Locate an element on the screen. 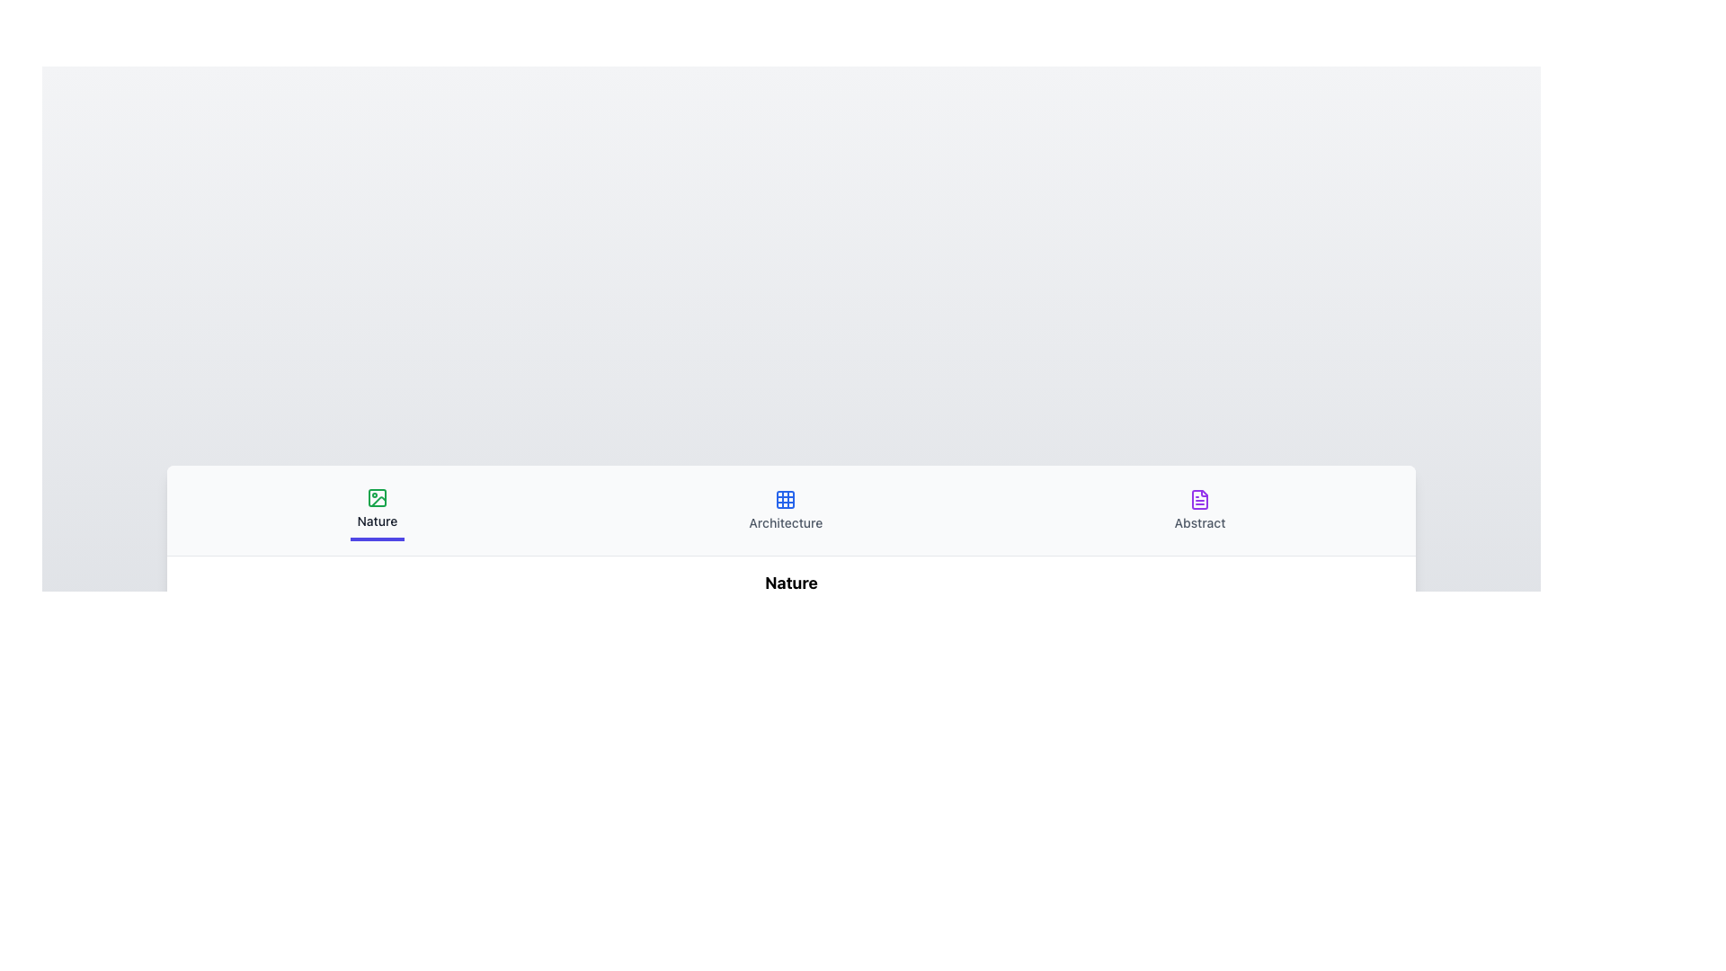  the label element that describes the button or section associated with the 'Abstract' text and its accompanying icon, located in the bottom segment of the interface is located at coordinates (1199, 522).